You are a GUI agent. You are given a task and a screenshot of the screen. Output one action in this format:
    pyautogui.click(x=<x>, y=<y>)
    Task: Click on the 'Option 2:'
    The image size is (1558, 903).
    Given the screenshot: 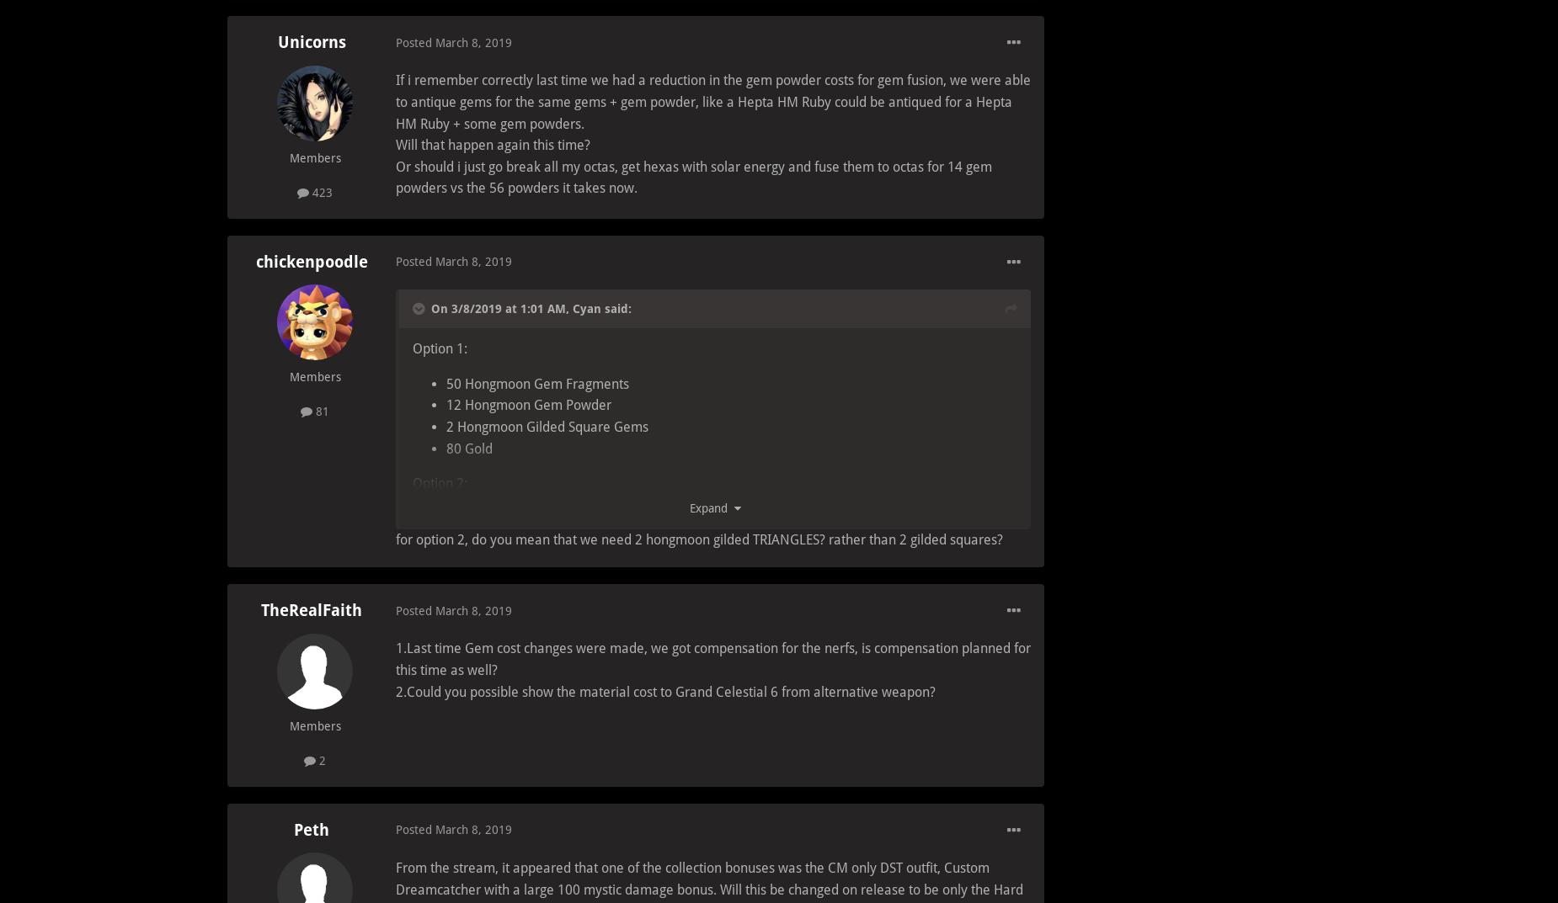 What is the action you would take?
    pyautogui.click(x=440, y=483)
    